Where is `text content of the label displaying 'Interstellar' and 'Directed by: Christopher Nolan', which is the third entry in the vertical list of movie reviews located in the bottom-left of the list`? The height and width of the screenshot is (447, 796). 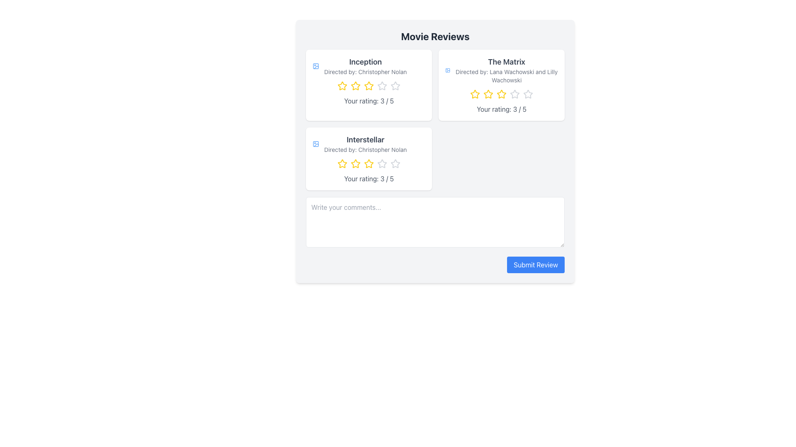 text content of the label displaying 'Interstellar' and 'Directed by: Christopher Nolan', which is the third entry in the vertical list of movie reviews located in the bottom-left of the list is located at coordinates (365, 143).